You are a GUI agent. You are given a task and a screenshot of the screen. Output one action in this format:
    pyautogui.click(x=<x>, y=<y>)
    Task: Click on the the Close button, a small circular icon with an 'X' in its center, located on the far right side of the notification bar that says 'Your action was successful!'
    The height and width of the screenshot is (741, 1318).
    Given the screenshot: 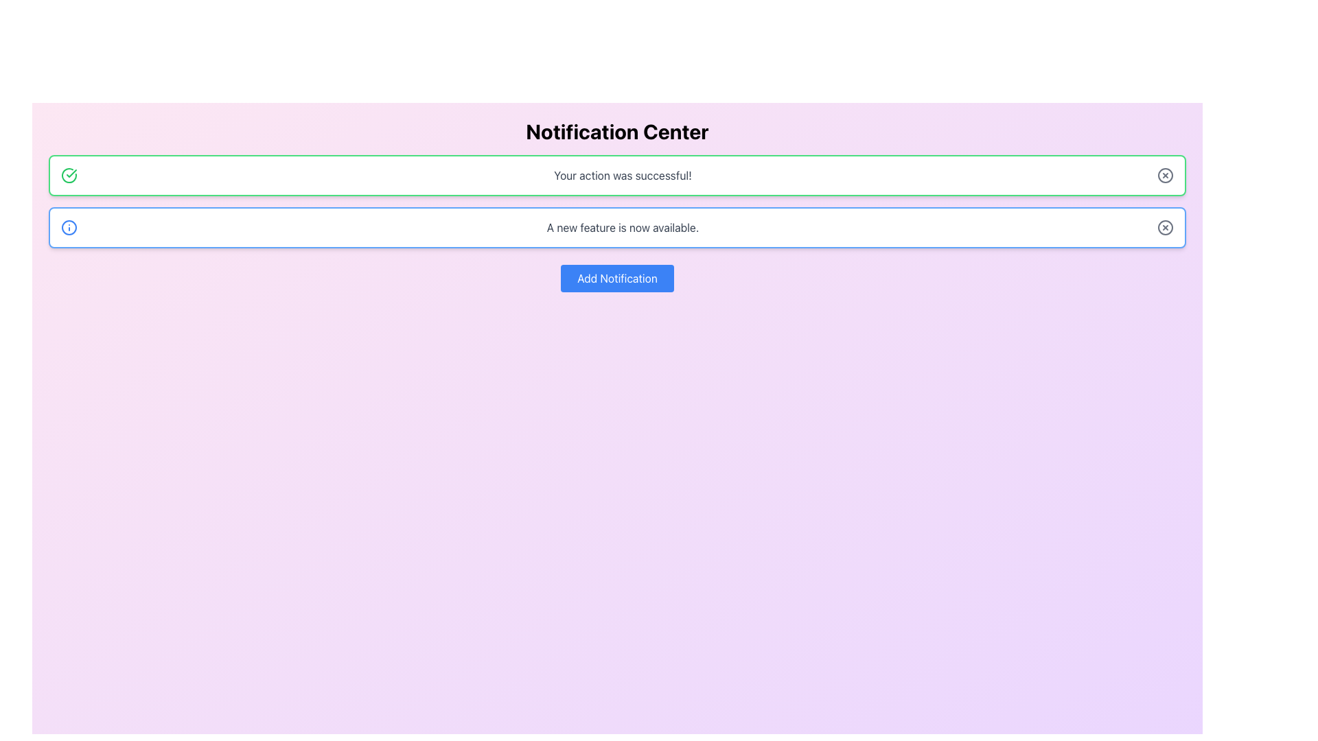 What is the action you would take?
    pyautogui.click(x=1165, y=174)
    